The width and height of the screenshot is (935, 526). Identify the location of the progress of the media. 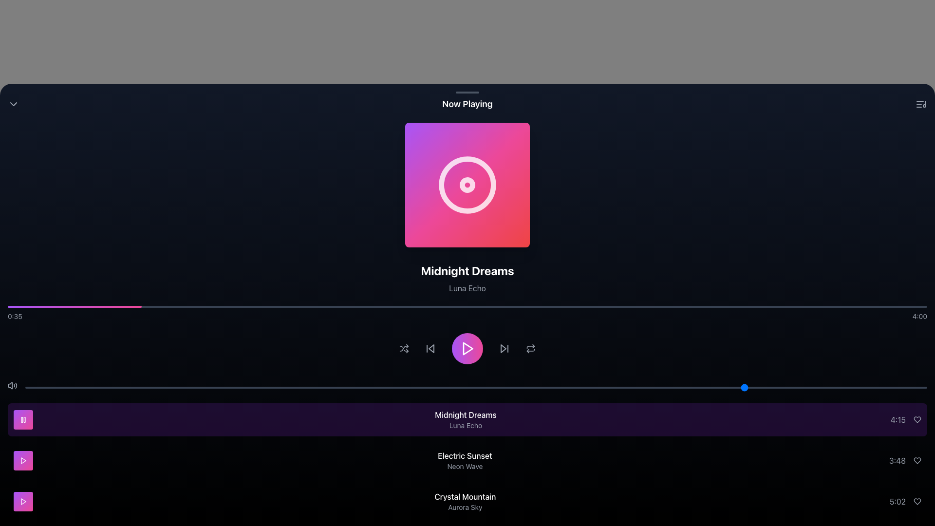
(256, 306).